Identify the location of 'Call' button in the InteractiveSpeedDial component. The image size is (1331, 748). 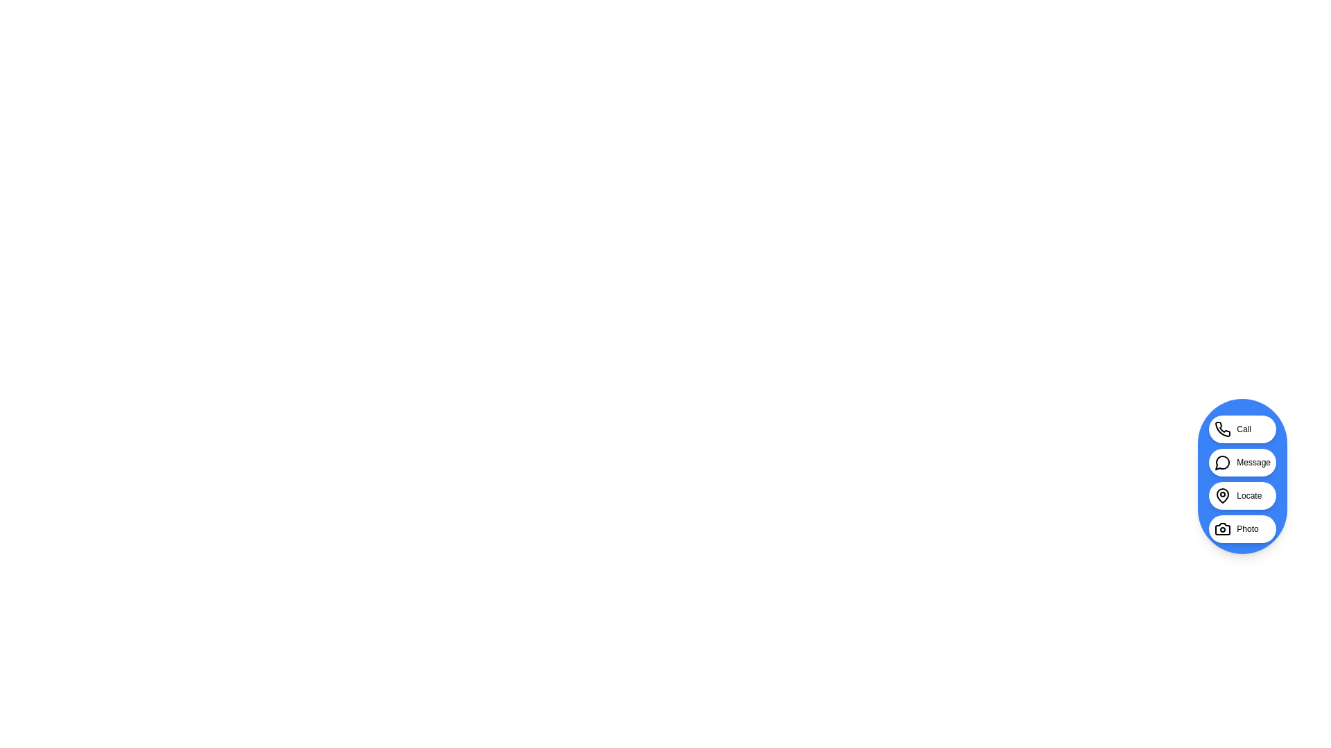
(1242, 429).